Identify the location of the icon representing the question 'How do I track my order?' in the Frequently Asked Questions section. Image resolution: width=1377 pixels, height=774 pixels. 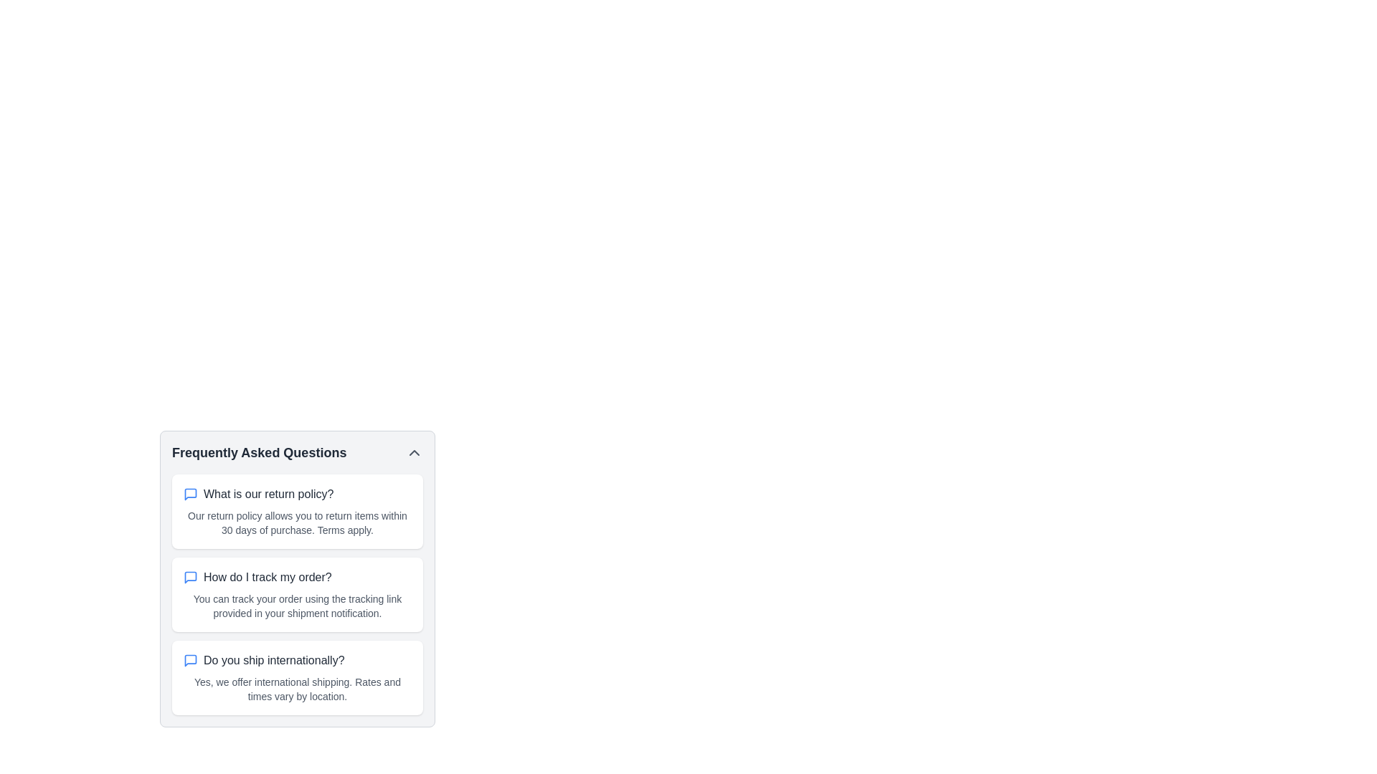
(189, 577).